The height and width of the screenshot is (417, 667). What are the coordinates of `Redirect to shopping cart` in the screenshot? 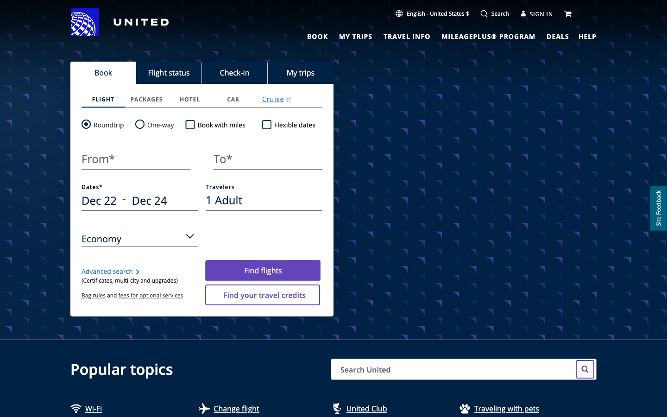 It's located at (568, 13).